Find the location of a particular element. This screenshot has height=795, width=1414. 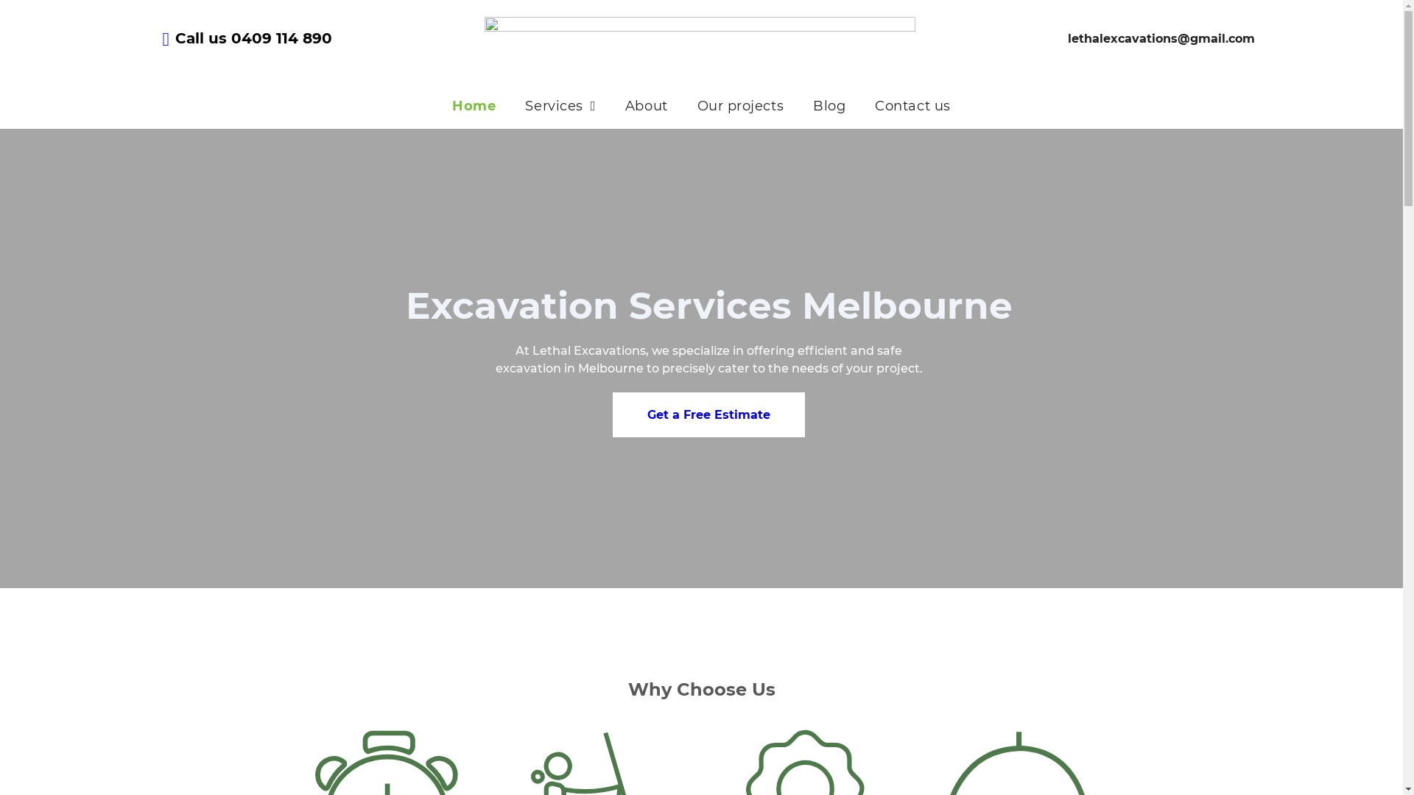

'Home' is located at coordinates (474, 105).